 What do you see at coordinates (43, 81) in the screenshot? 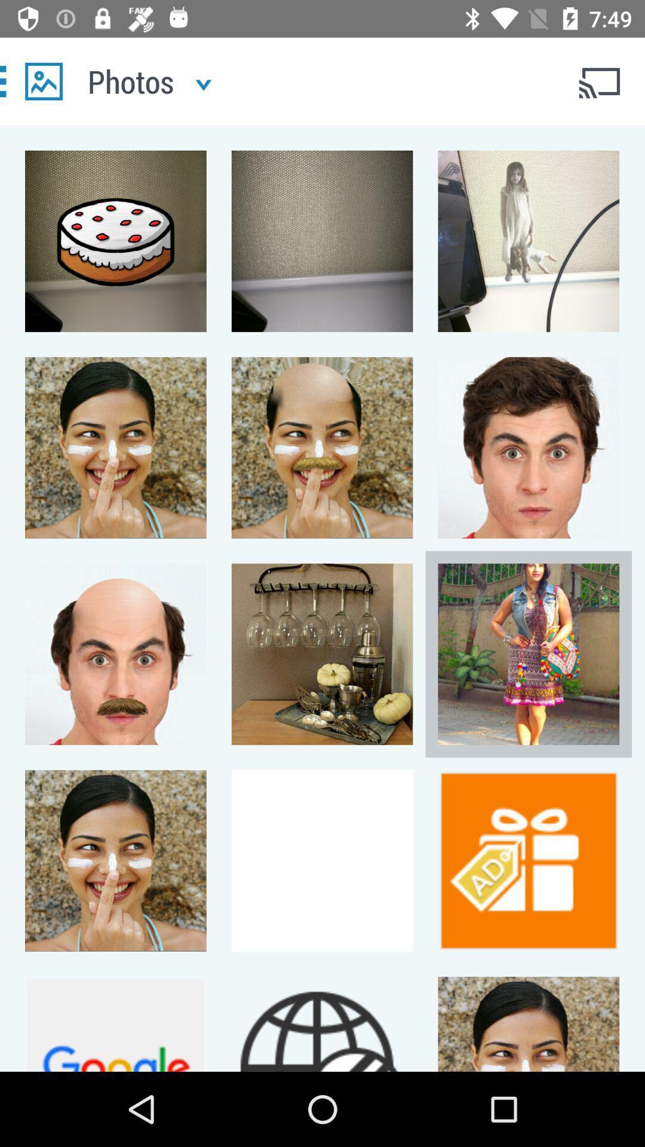
I see `gallery icon` at bounding box center [43, 81].